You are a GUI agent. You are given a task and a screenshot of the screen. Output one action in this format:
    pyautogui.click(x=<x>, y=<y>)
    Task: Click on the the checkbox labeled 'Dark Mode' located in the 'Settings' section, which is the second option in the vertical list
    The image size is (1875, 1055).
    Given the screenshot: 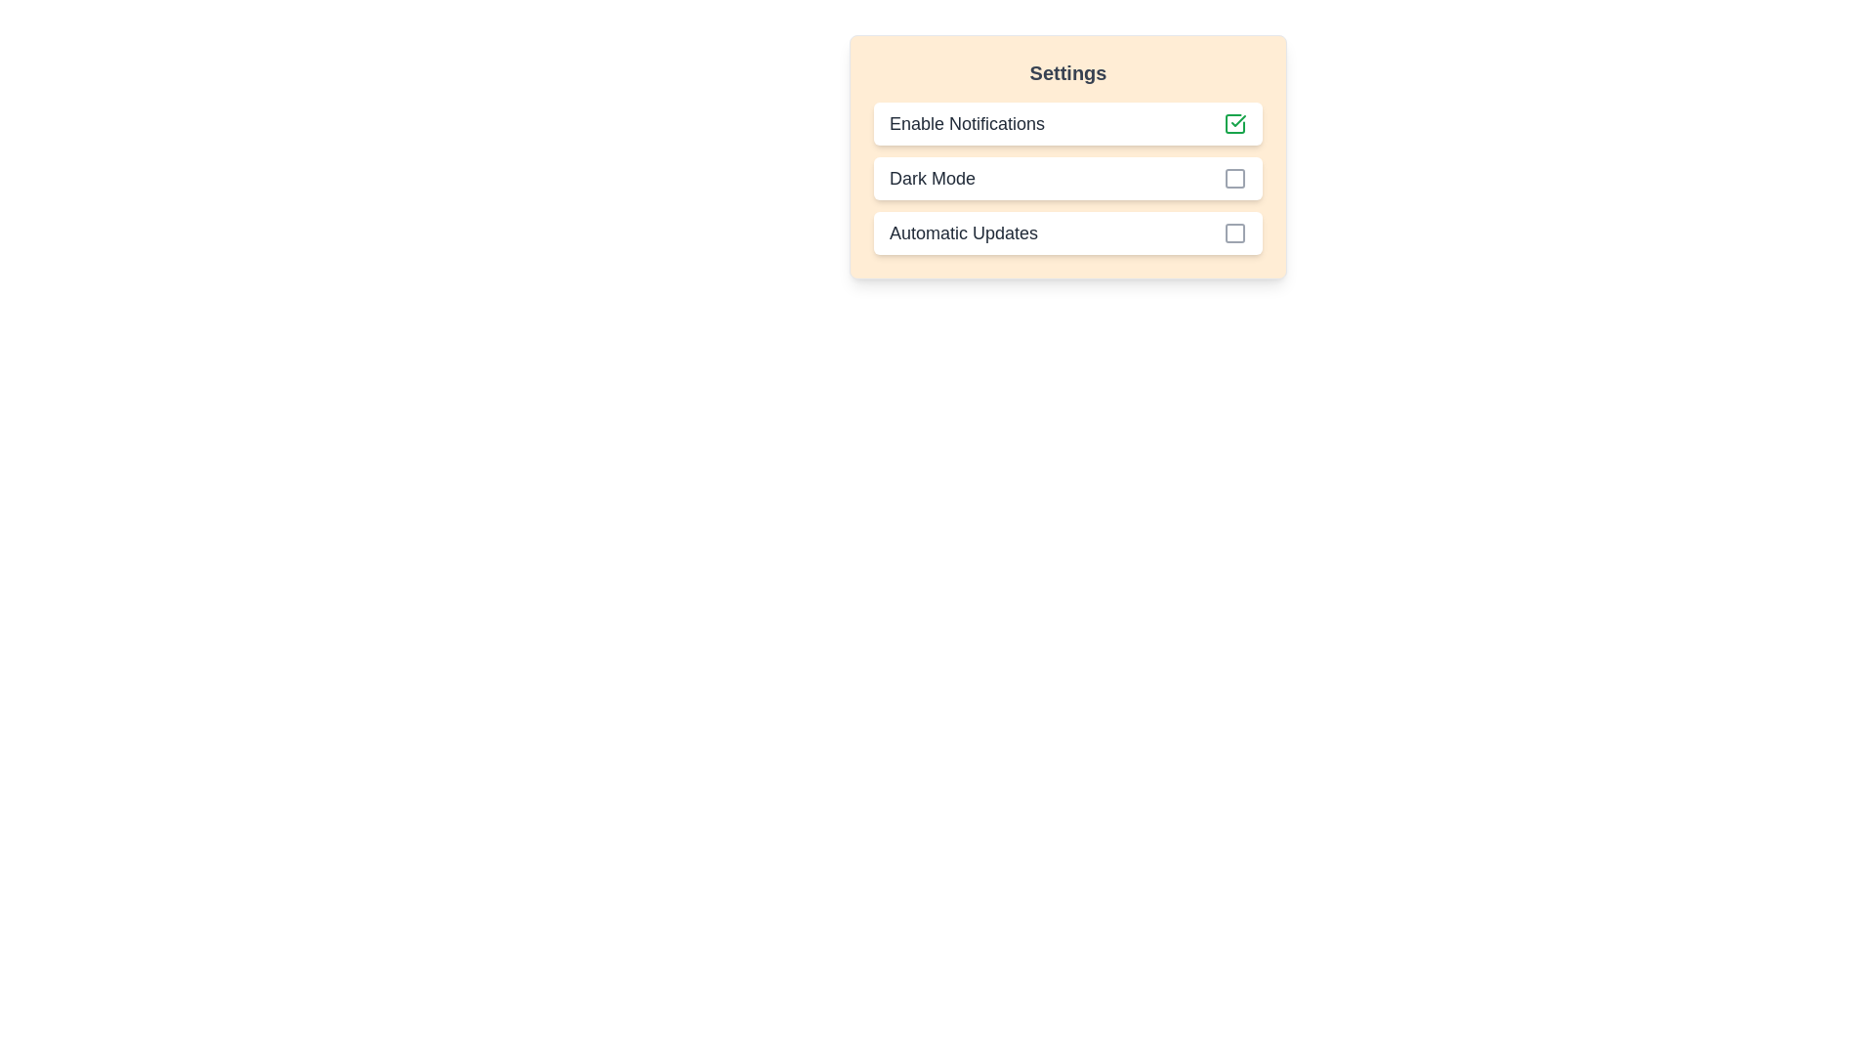 What is the action you would take?
    pyautogui.click(x=1067, y=178)
    